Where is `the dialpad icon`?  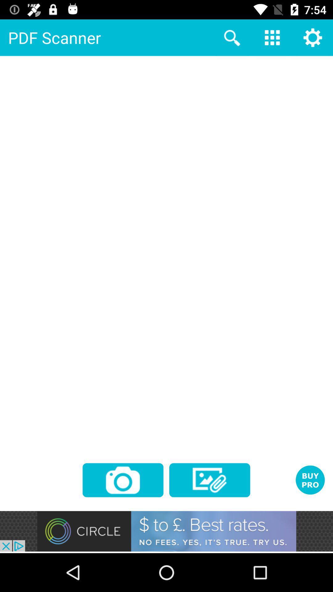
the dialpad icon is located at coordinates (272, 37).